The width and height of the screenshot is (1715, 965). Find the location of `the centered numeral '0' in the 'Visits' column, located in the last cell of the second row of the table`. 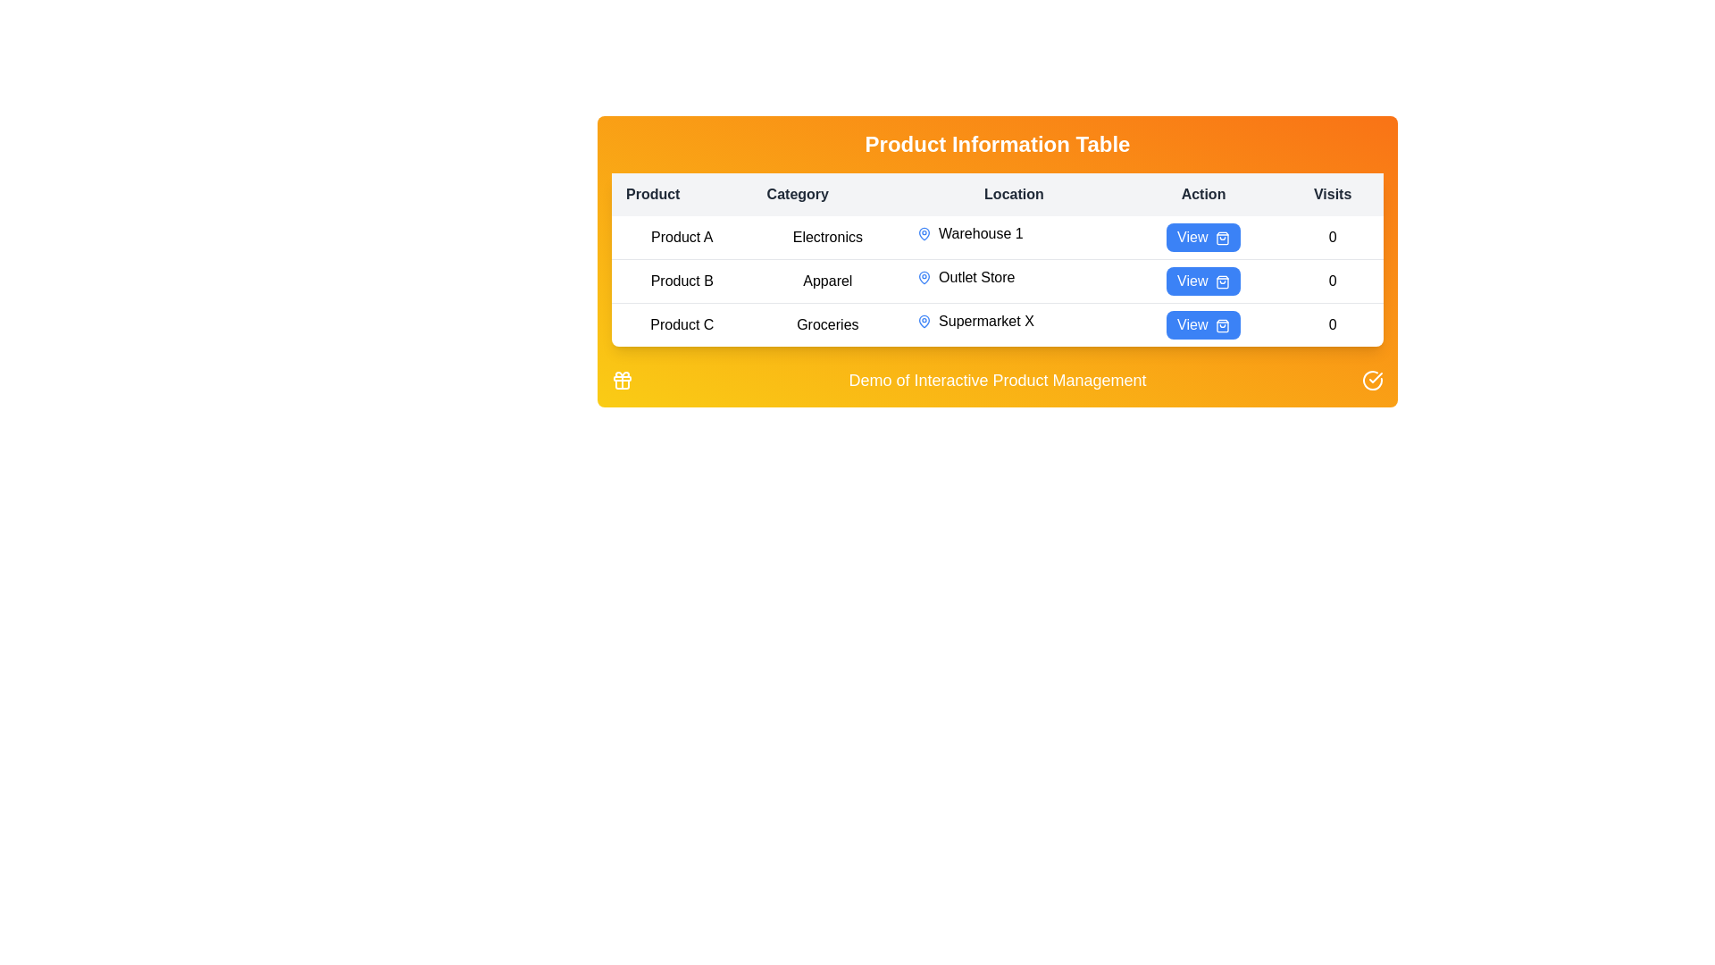

the centered numeral '0' in the 'Visits' column, located in the last cell of the second row of the table is located at coordinates (1333, 281).